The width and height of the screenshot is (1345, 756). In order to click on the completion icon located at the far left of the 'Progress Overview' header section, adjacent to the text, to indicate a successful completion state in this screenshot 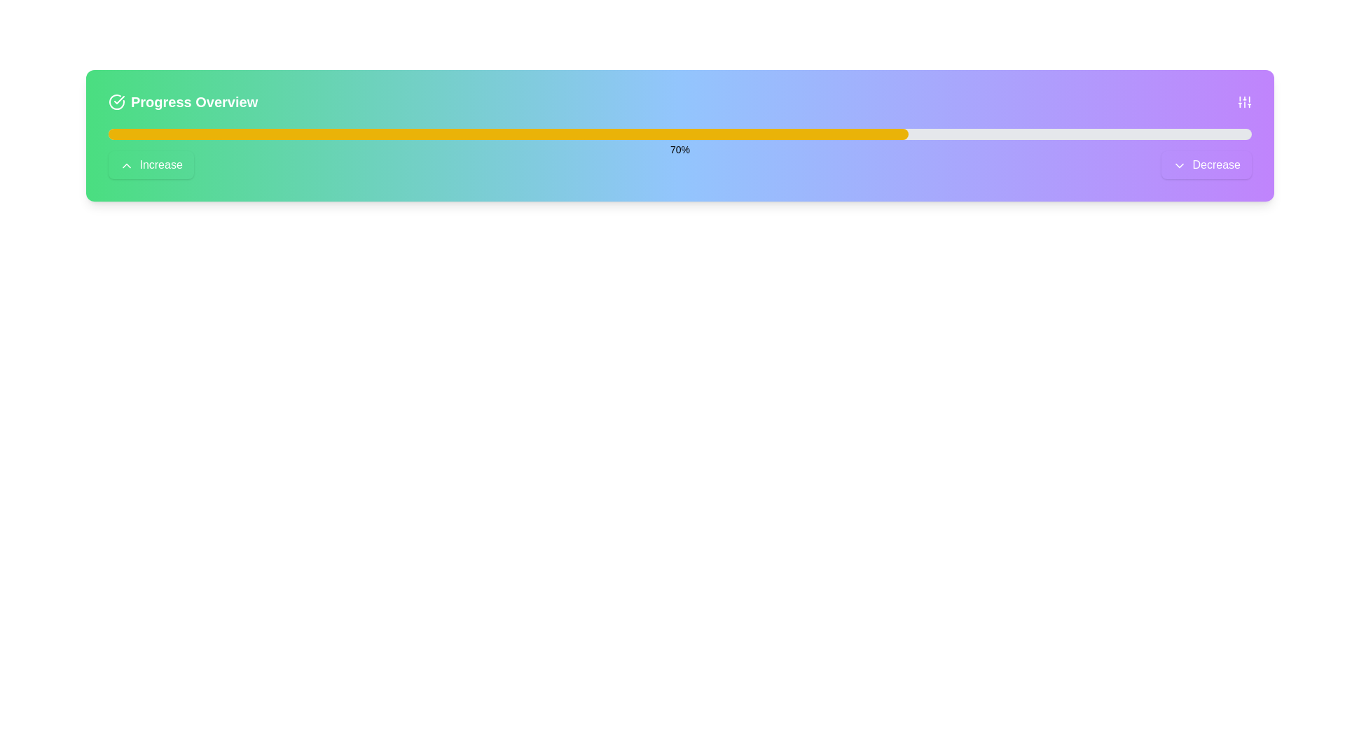, I will do `click(117, 101)`.